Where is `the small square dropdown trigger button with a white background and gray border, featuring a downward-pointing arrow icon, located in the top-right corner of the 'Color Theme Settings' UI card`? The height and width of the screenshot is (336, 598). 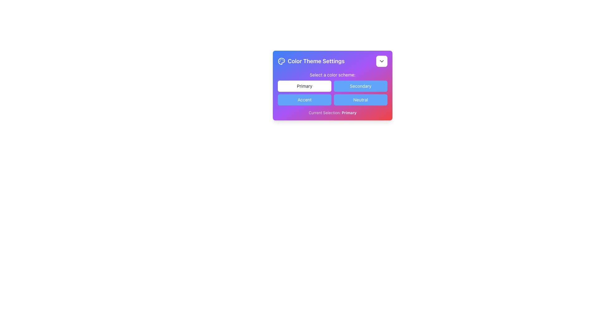
the small square dropdown trigger button with a white background and gray border, featuring a downward-pointing arrow icon, located in the top-right corner of the 'Color Theme Settings' UI card is located at coordinates (381, 61).